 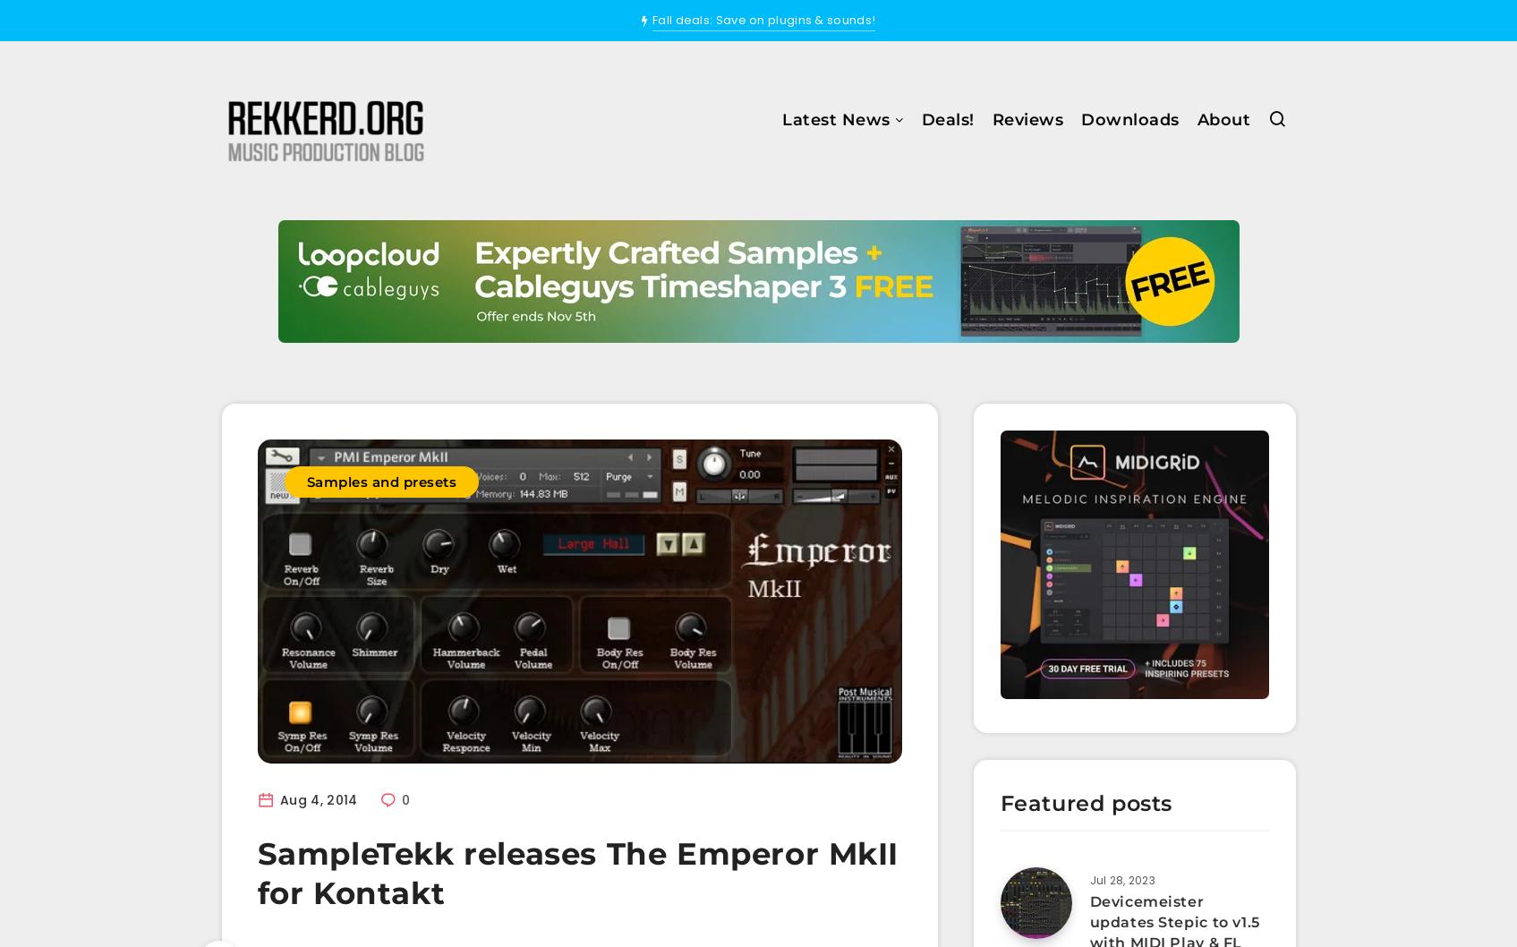 What do you see at coordinates (1197, 119) in the screenshot?
I see `'About'` at bounding box center [1197, 119].